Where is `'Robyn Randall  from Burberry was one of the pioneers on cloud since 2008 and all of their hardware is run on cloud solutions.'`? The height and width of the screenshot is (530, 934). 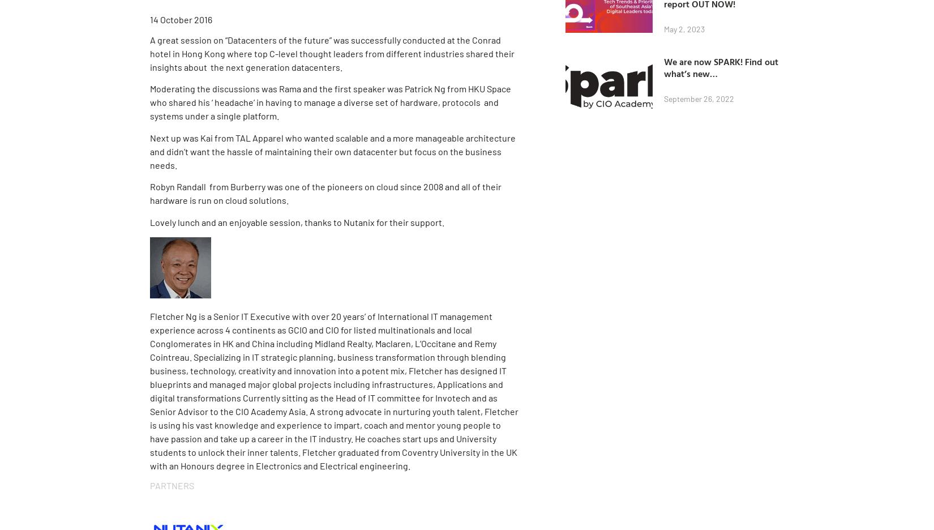
'Robyn Randall  from Burberry was one of the pioneers on cloud since 2008 and all of their hardware is run on cloud solutions.' is located at coordinates (325, 193).